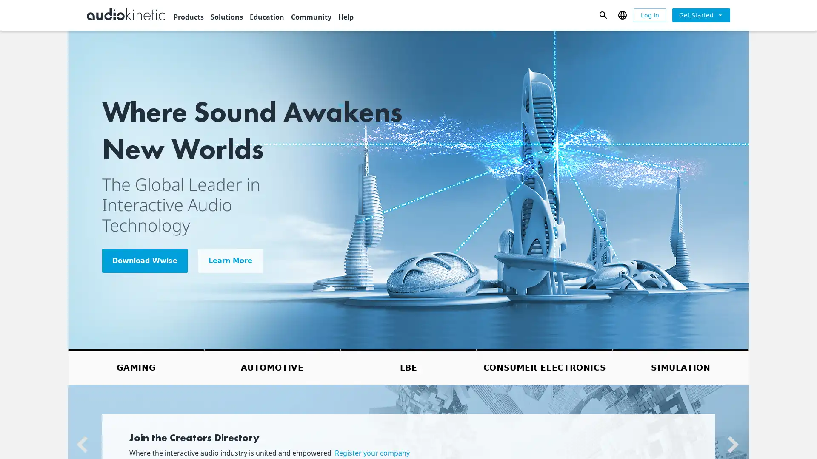 This screenshot has height=459, width=817. Describe the element at coordinates (408, 366) in the screenshot. I see `LBE` at that location.